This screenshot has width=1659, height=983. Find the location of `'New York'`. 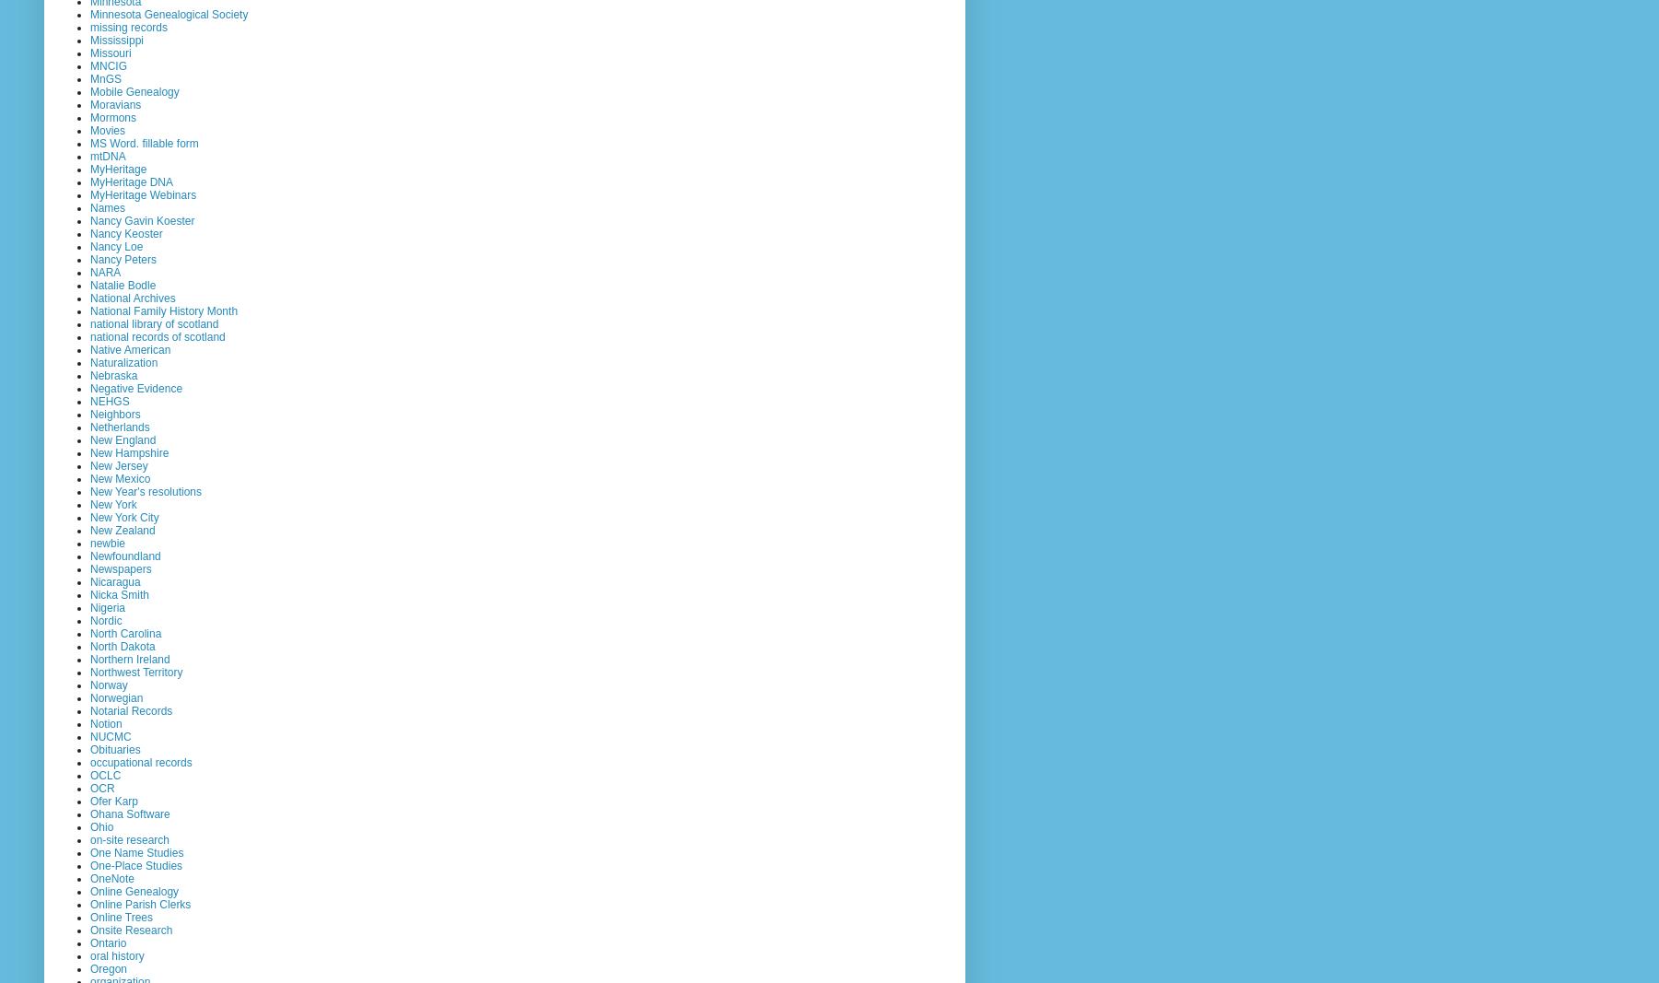

'New York' is located at coordinates (113, 504).